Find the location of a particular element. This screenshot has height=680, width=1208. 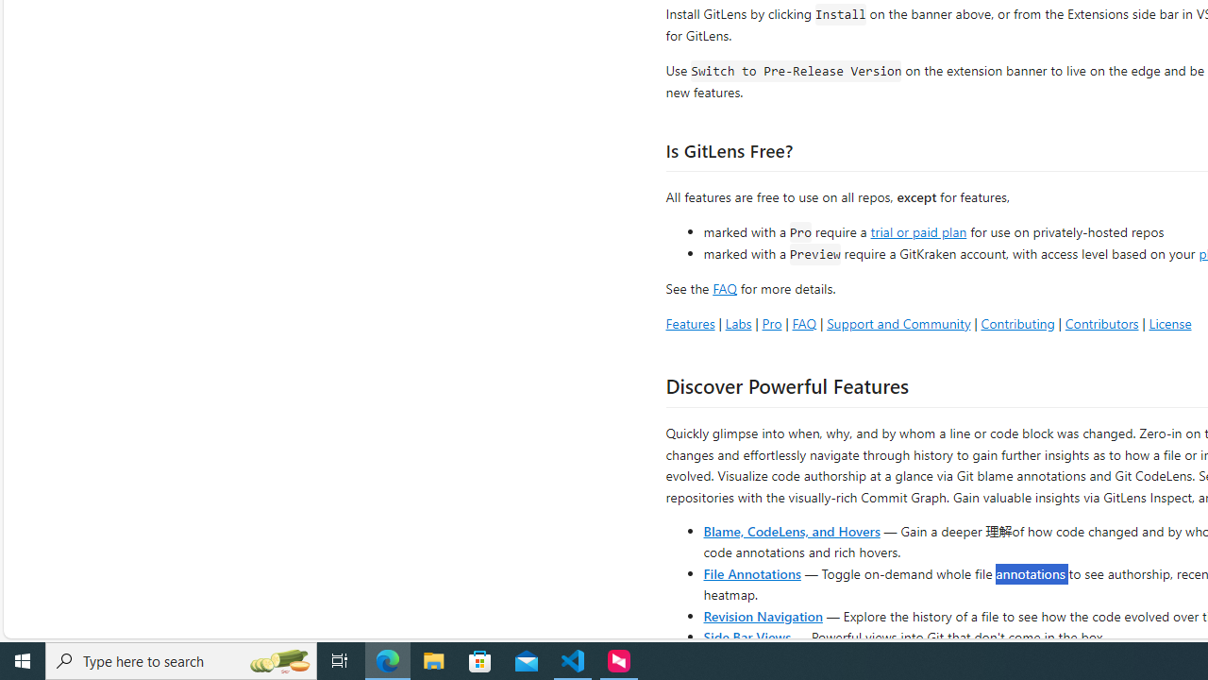

'Labs' is located at coordinates (737, 322).